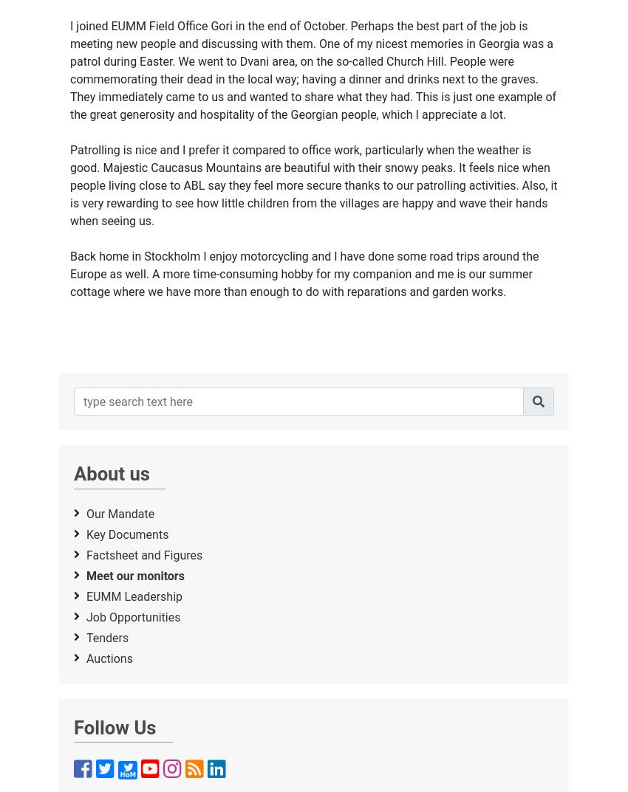  What do you see at coordinates (85, 575) in the screenshot?
I see `'Meet our monitors'` at bounding box center [85, 575].